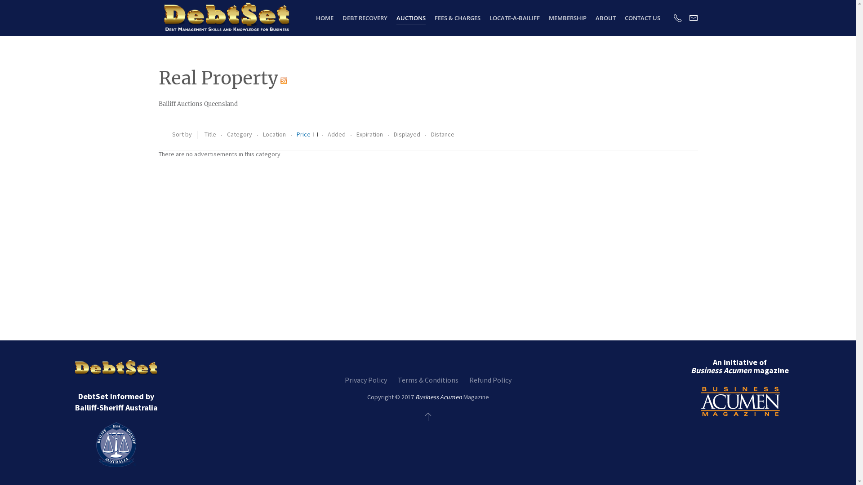 The image size is (863, 485). I want to click on 'AUCTIONS', so click(410, 18).